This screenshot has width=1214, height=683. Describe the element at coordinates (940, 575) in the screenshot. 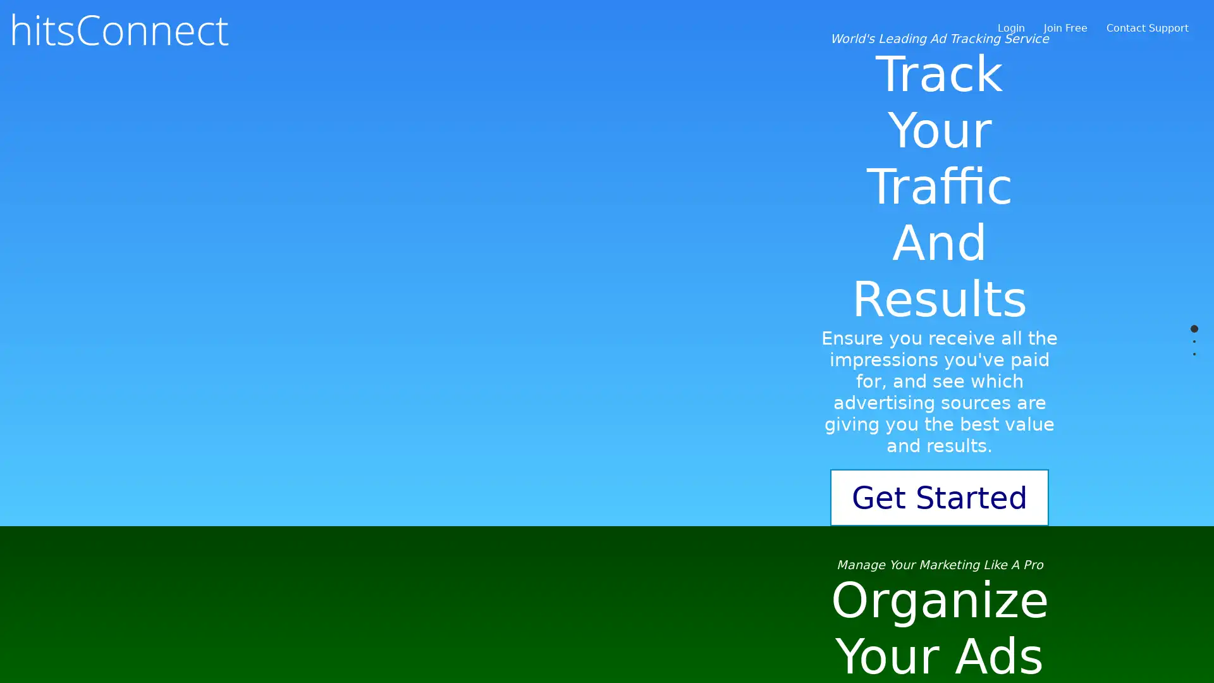

I see `Get Started` at that location.